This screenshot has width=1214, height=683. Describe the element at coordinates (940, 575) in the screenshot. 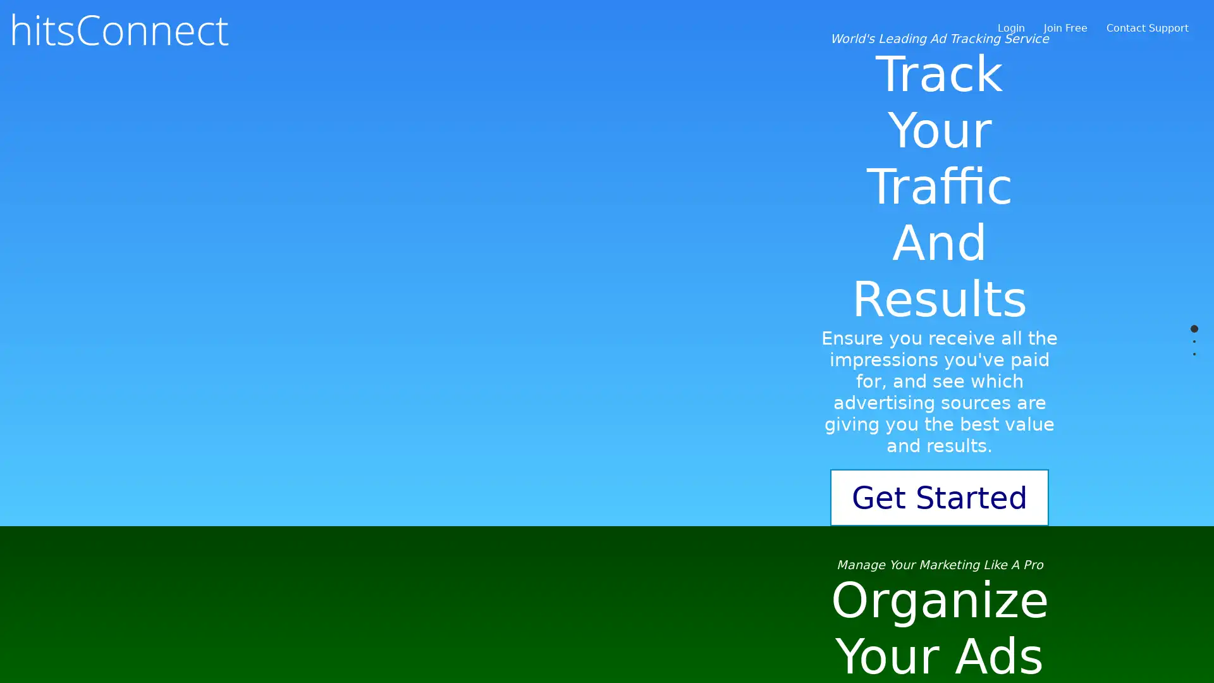

I see `Get Started` at that location.